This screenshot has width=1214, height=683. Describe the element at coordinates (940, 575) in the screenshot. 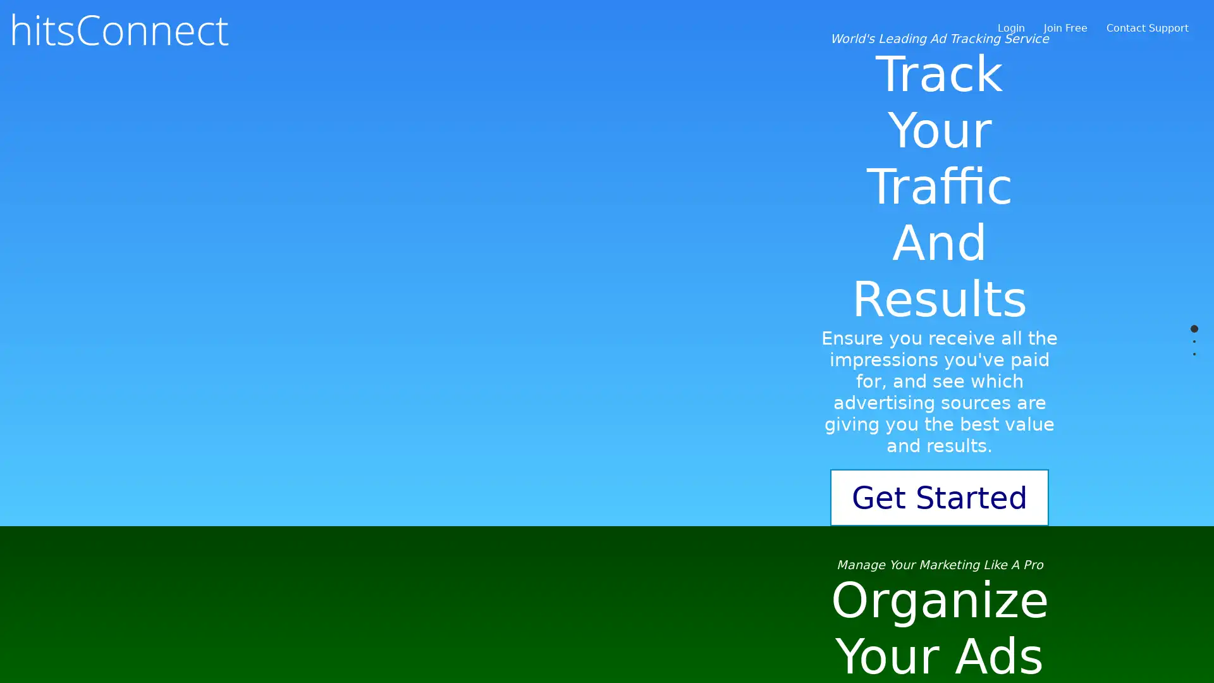

I see `Get Started` at that location.